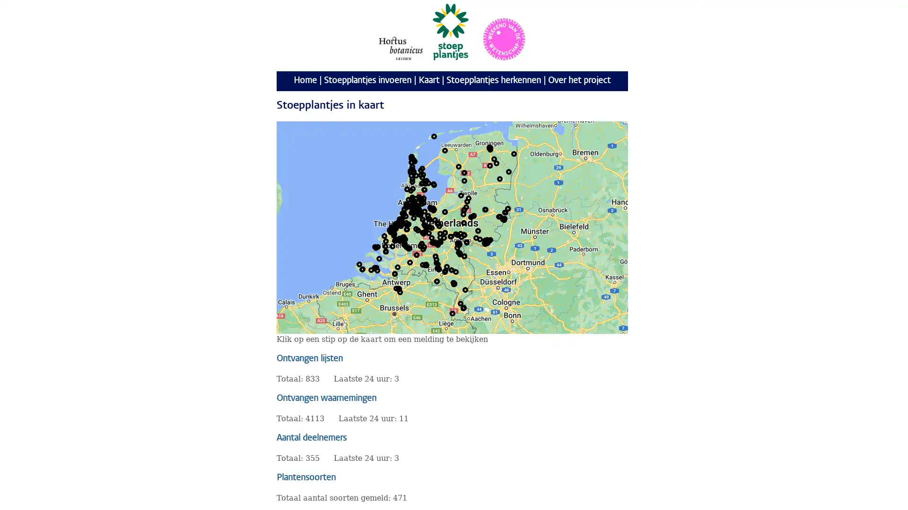 Image resolution: width=908 pixels, height=510 pixels. What do you see at coordinates (386, 251) in the screenshot?
I see `Telling van Neomi op 03 juni 2022` at bounding box center [386, 251].